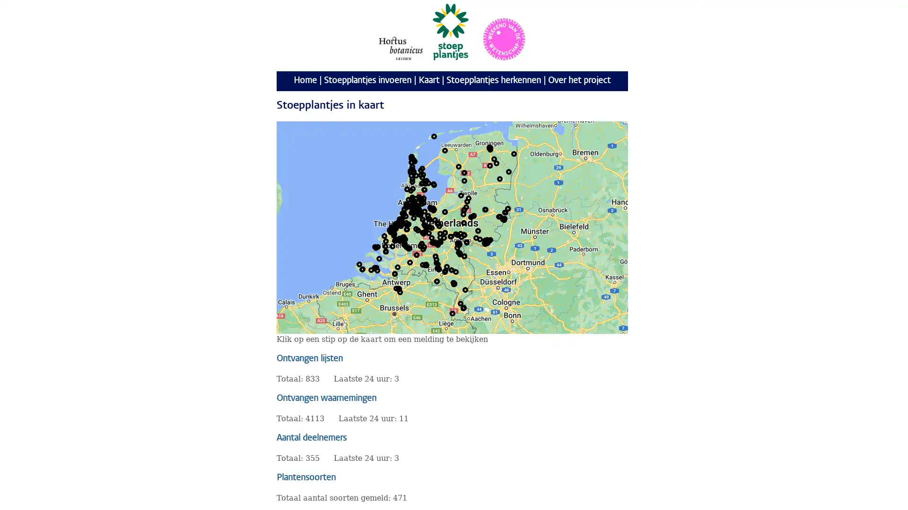 Image resolution: width=908 pixels, height=510 pixels. What do you see at coordinates (386, 251) in the screenshot?
I see `Telling van Neomi op 03 juni 2022` at bounding box center [386, 251].